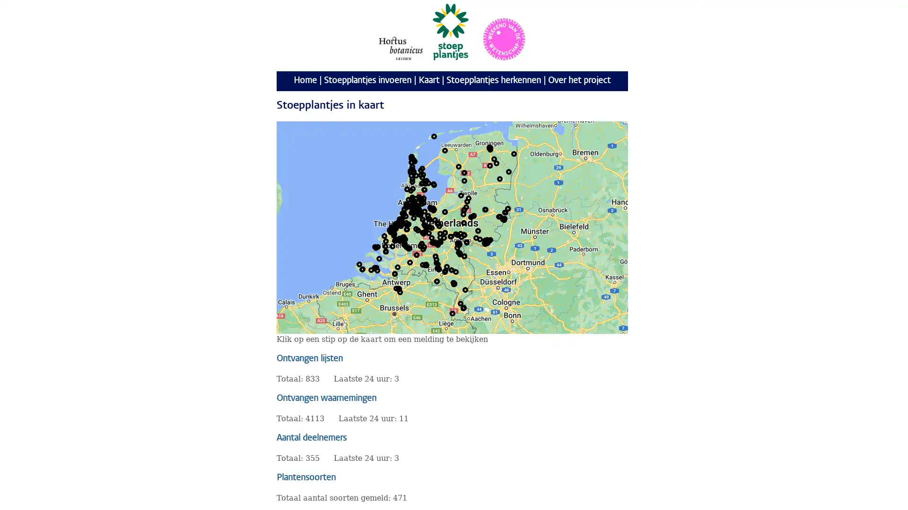 Image resolution: width=908 pixels, height=510 pixels. What do you see at coordinates (386, 251) in the screenshot?
I see `Telling van Neomi op 03 juni 2022` at bounding box center [386, 251].